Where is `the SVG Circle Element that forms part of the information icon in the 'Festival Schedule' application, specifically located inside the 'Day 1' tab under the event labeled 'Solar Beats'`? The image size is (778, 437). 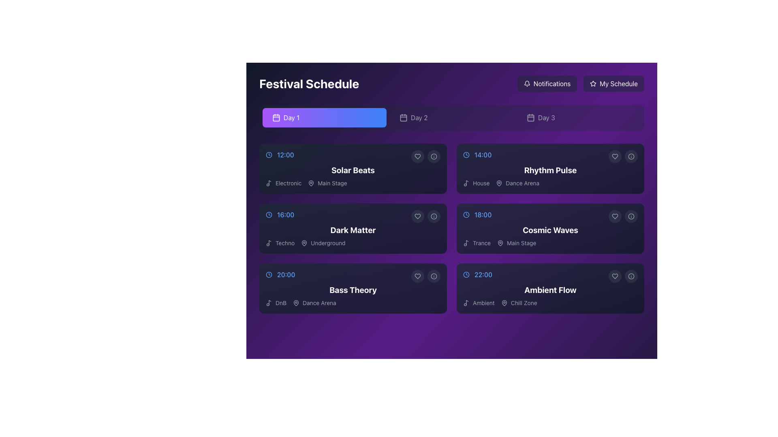
the SVG Circle Element that forms part of the information icon in the 'Festival Schedule' application, specifically located inside the 'Day 1' tab under the event labeled 'Solar Beats' is located at coordinates (433, 156).